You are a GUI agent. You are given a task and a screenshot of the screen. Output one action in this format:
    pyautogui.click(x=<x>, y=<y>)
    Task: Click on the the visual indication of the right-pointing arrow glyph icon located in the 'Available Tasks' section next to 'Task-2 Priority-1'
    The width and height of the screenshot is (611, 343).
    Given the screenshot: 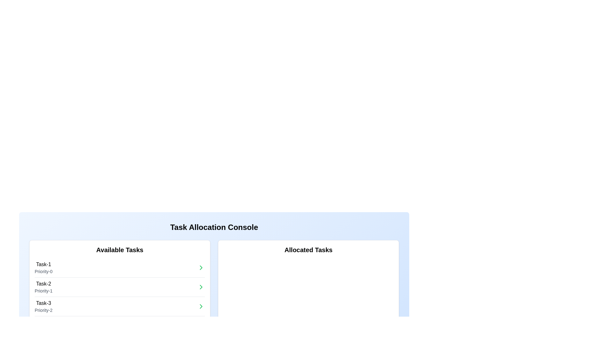 What is the action you would take?
    pyautogui.click(x=201, y=287)
    